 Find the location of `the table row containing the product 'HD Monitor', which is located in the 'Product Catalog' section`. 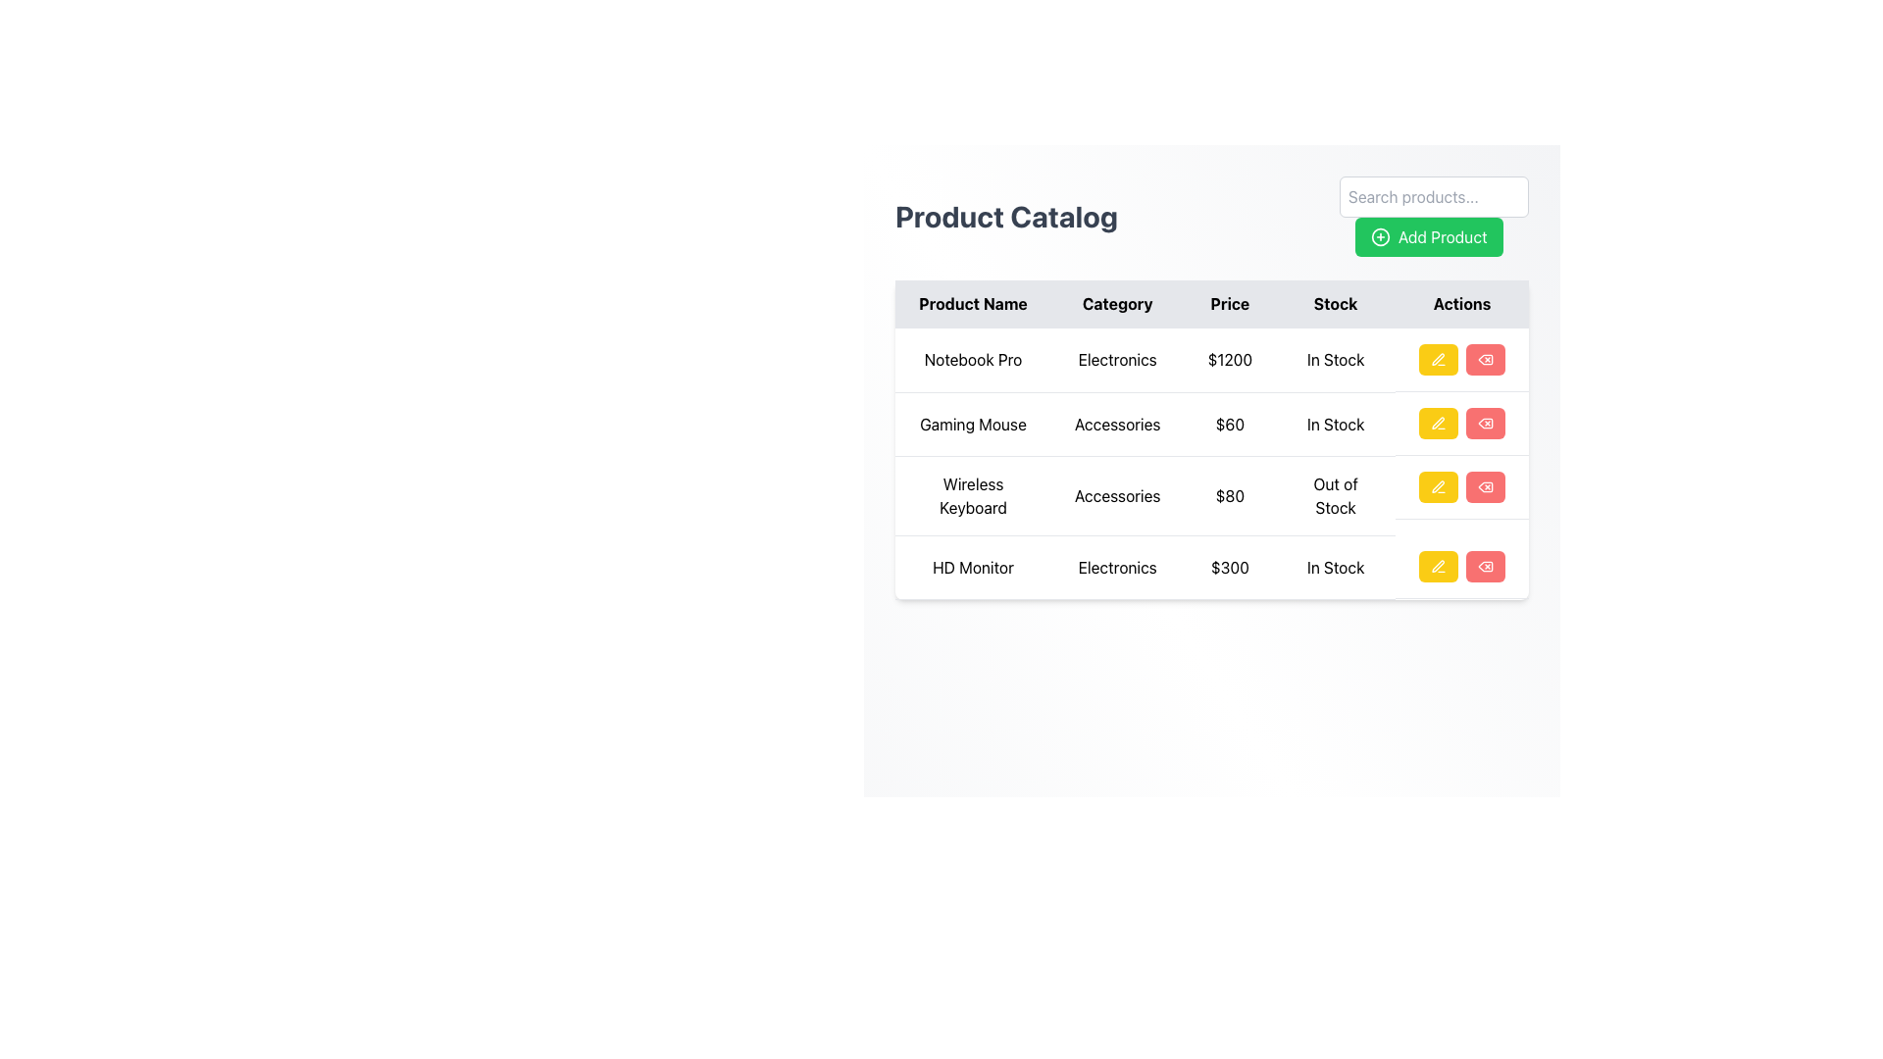

the table row containing the product 'HD Monitor', which is located in the 'Product Catalog' section is located at coordinates (1211, 567).